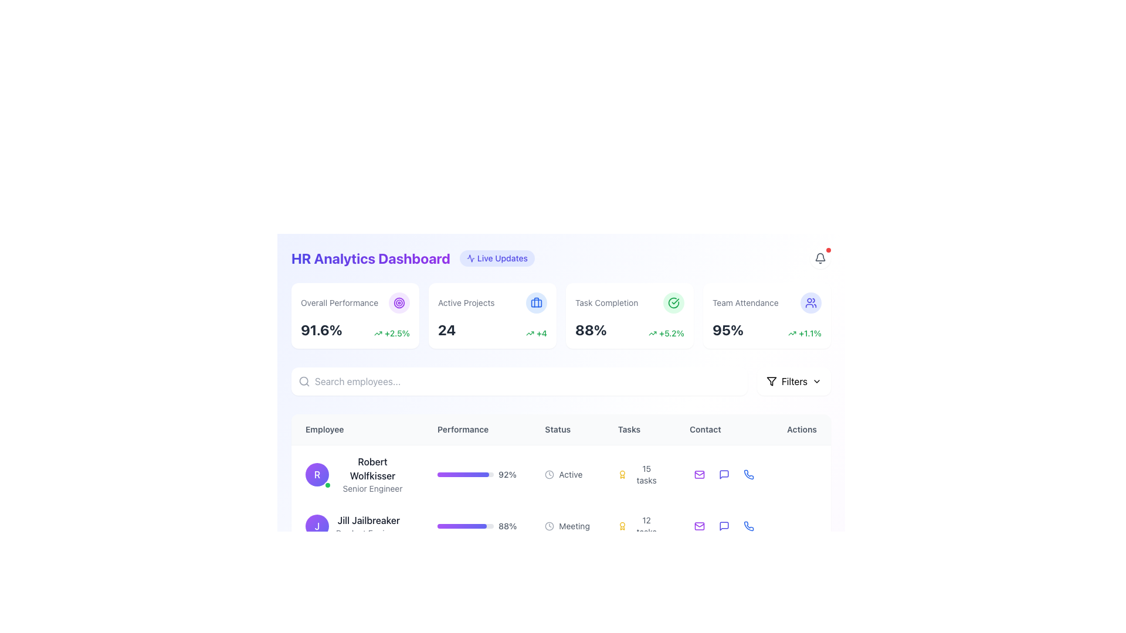 This screenshot has height=633, width=1126. I want to click on the trending arrow icon that indicates a positive change in the 'Task Completion' metric, located before the green '+5.2%' text, so click(652, 333).